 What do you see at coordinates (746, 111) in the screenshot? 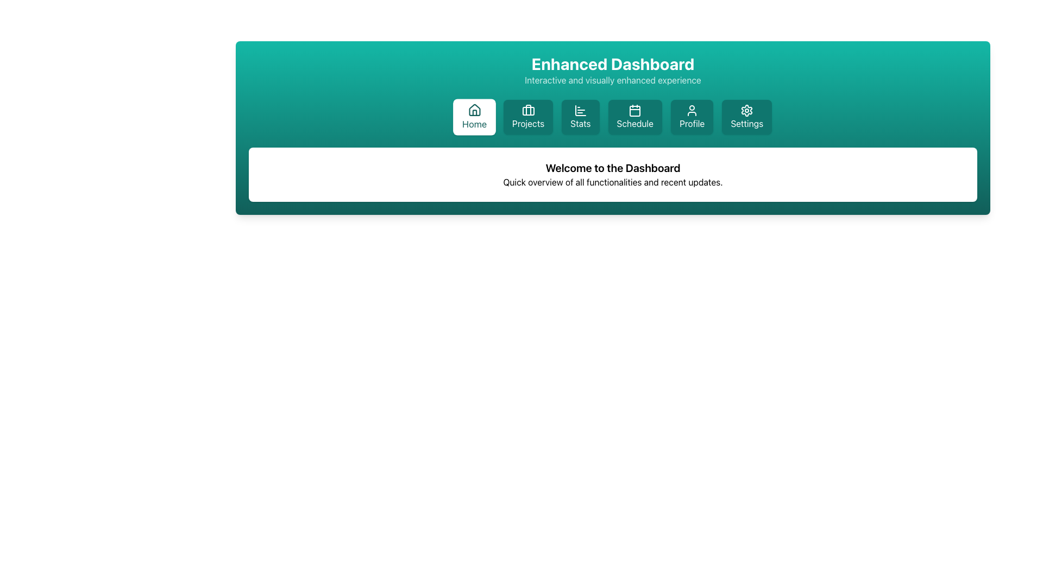
I see `the cogwheel icon representing settings located in the top-right section of the navigation bar, part of the 'Settings' button` at bounding box center [746, 111].